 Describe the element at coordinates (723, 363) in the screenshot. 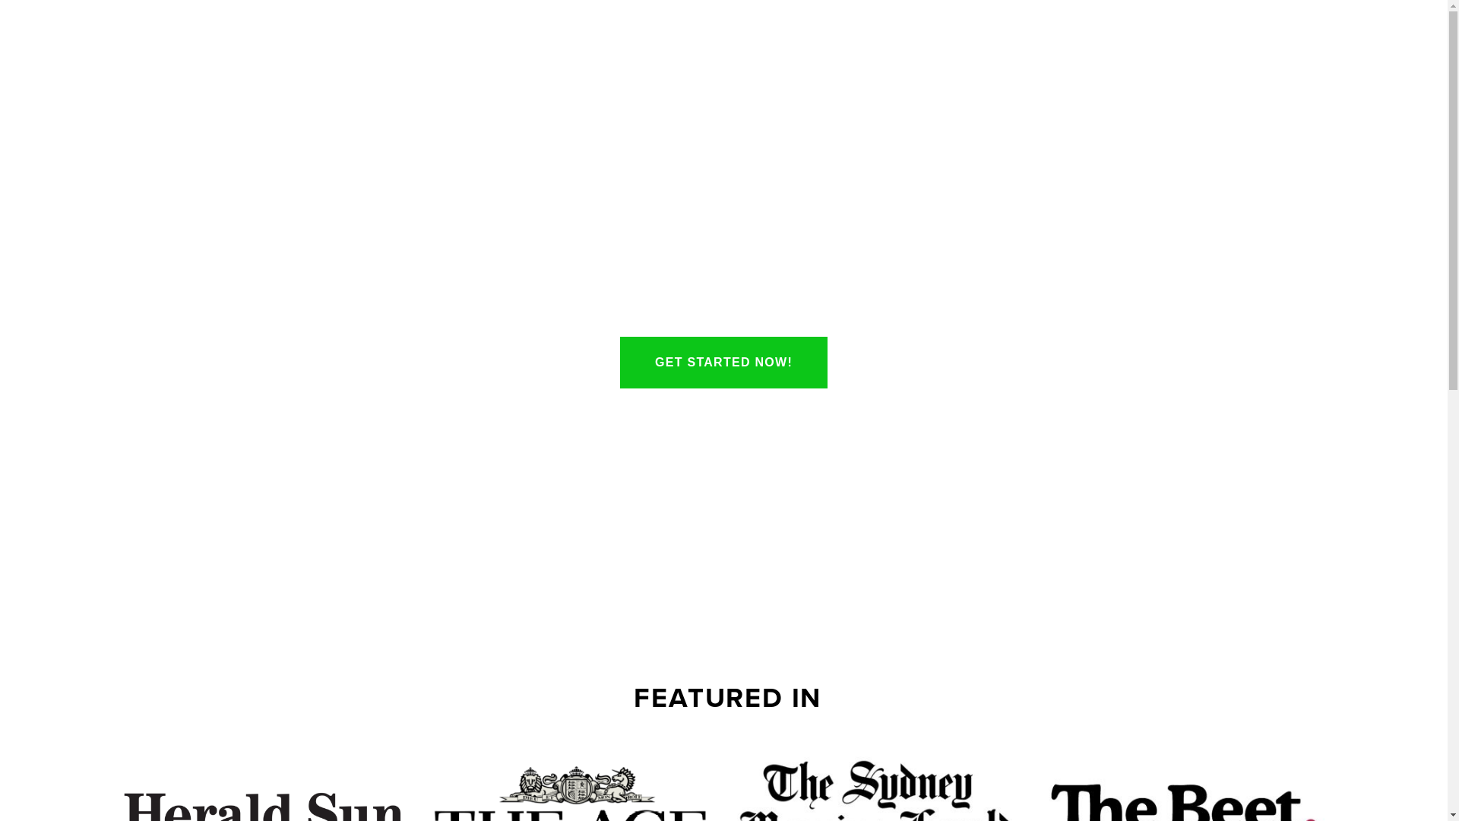

I see `'GET STARTED NOW!'` at that location.